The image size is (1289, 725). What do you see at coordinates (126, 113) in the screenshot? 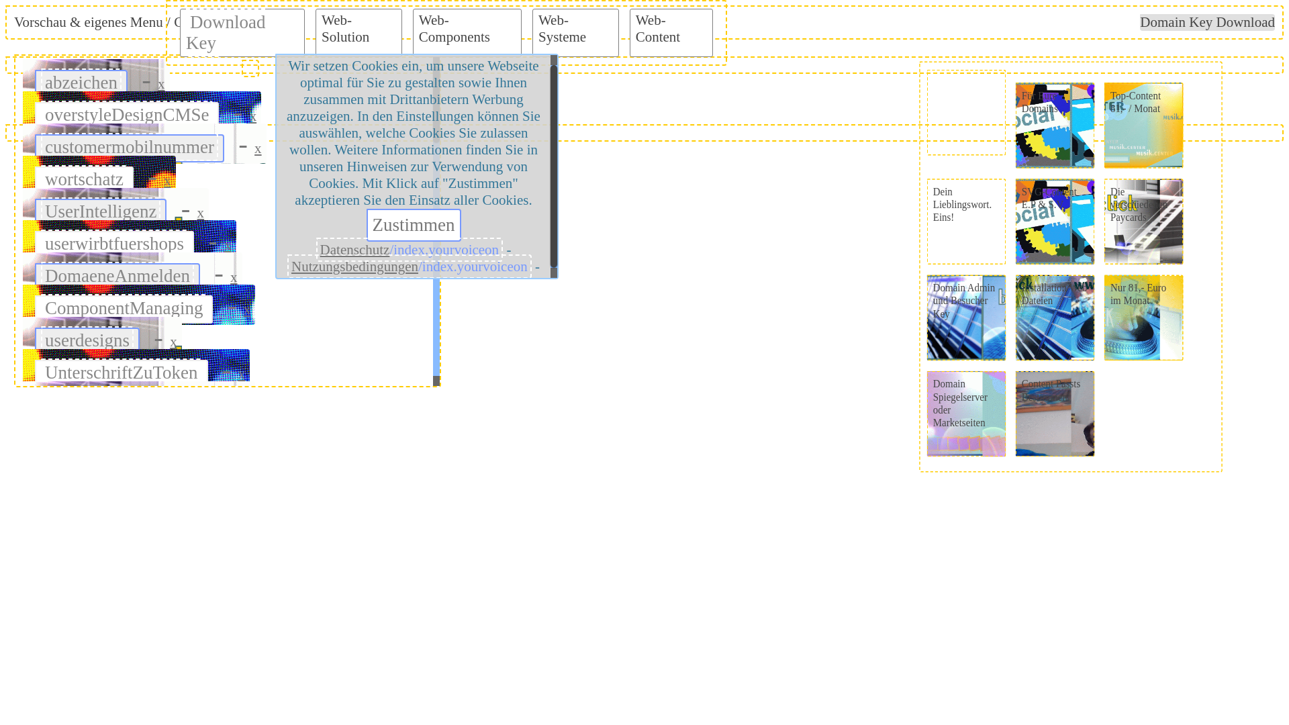
I see `'overstyleDesignCMSe'` at bounding box center [126, 113].